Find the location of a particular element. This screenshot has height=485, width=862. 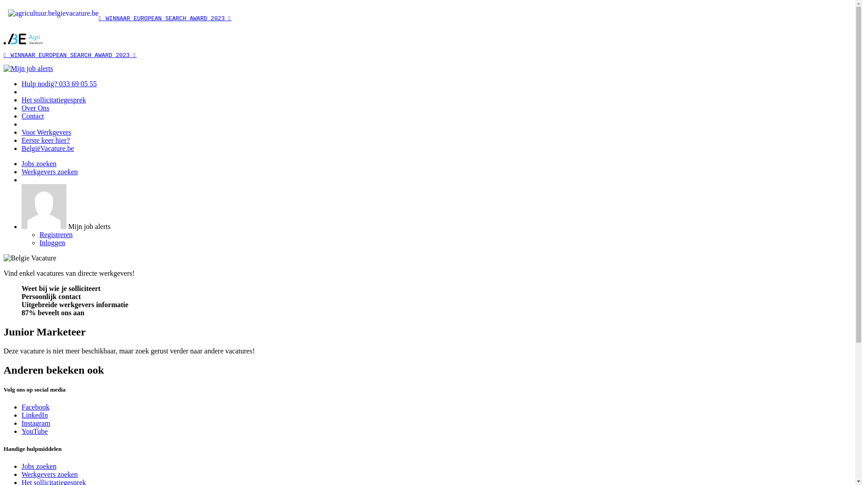

'Jobs zoeken' is located at coordinates (38, 466).